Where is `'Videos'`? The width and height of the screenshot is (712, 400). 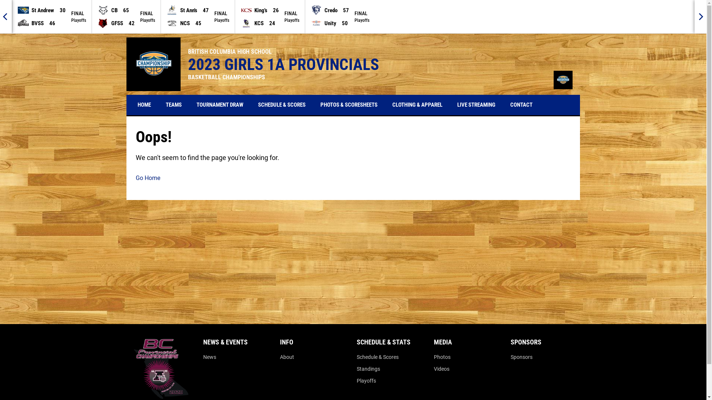 'Videos' is located at coordinates (441, 369).